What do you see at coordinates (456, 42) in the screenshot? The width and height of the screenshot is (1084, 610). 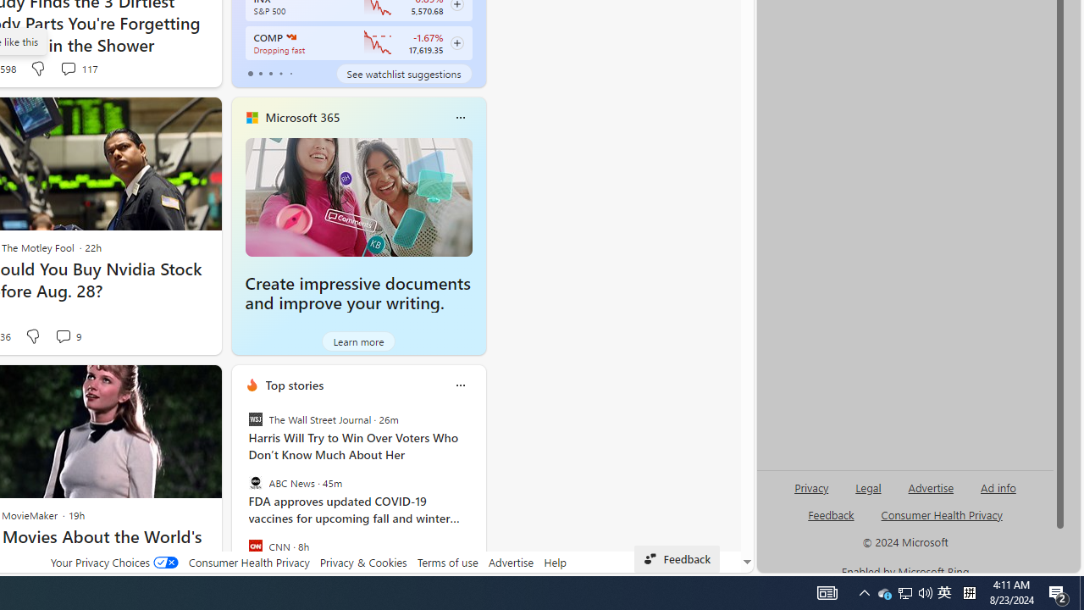 I see `'Class: follow-button  m'` at bounding box center [456, 42].